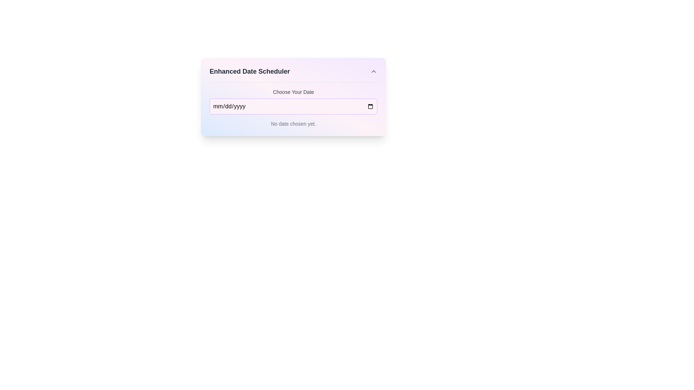 Image resolution: width=694 pixels, height=390 pixels. Describe the element at coordinates (293, 91) in the screenshot. I see `the text label reading 'Choose Your Date' which is styled in gray and positioned above the date input field in the 'Enhanced Date Scheduler' group` at that location.